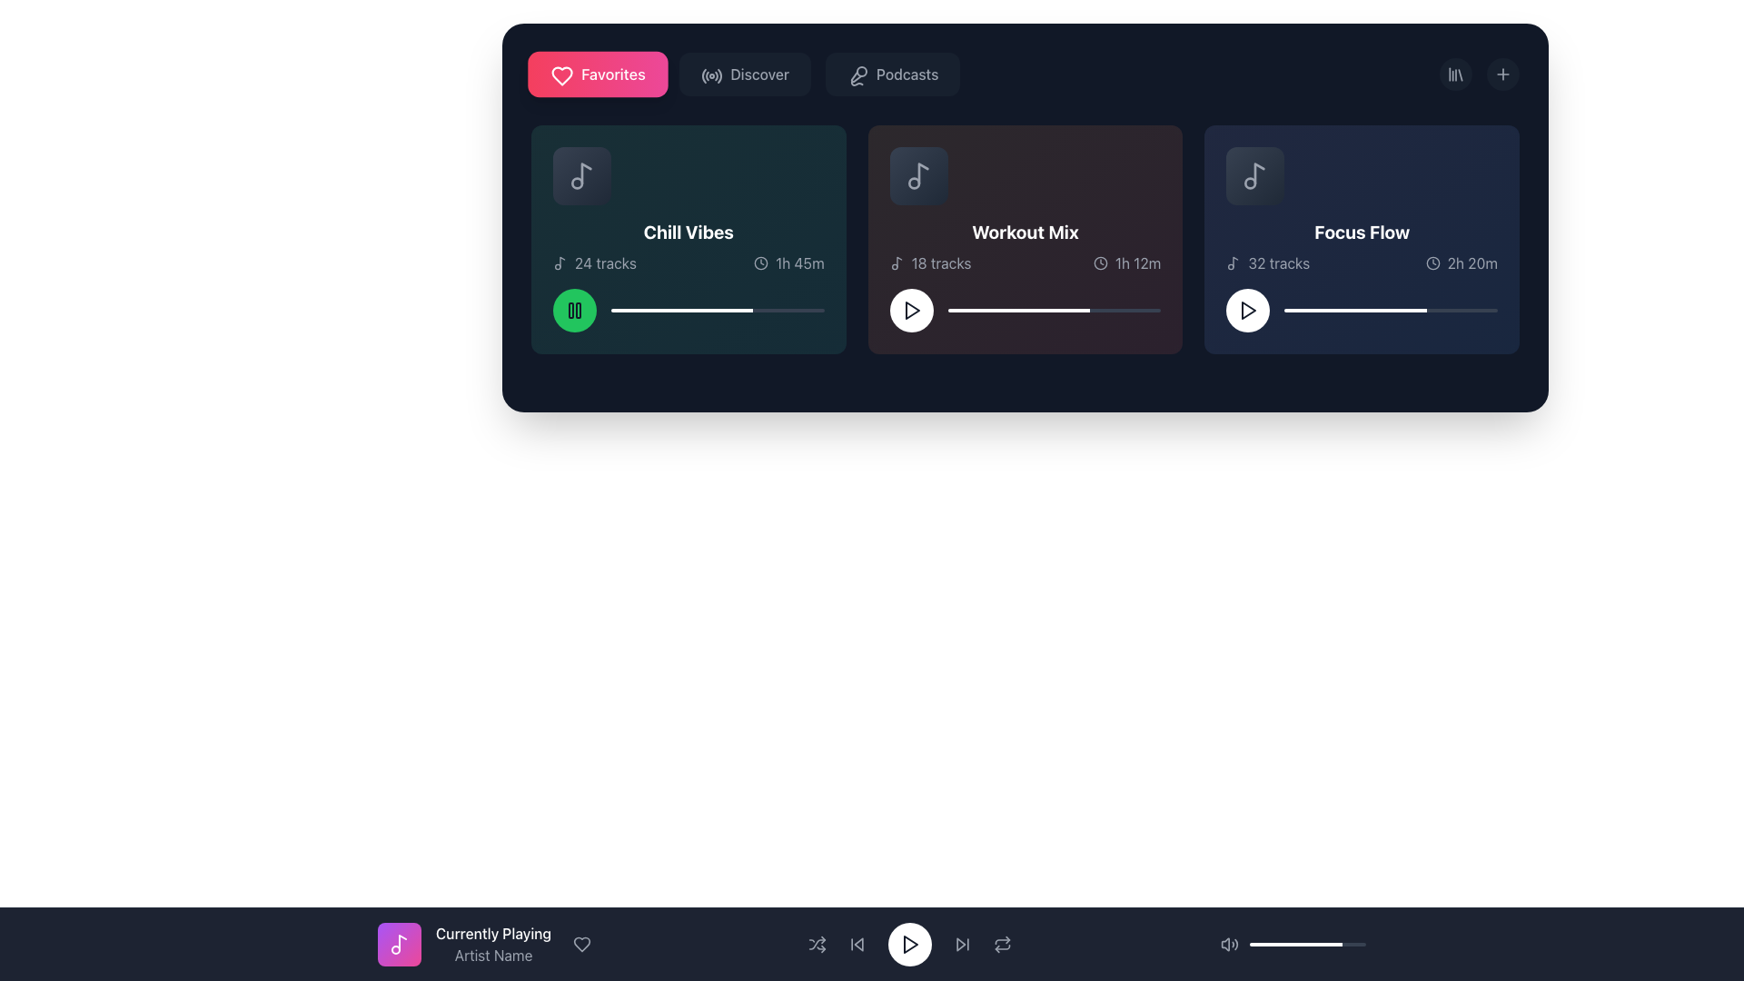 The width and height of the screenshot is (1744, 981). I want to click on the Text Label displaying '24 tracks' located in the 'Chill Vibes' card, adjacent to a music note icon, so click(606, 263).